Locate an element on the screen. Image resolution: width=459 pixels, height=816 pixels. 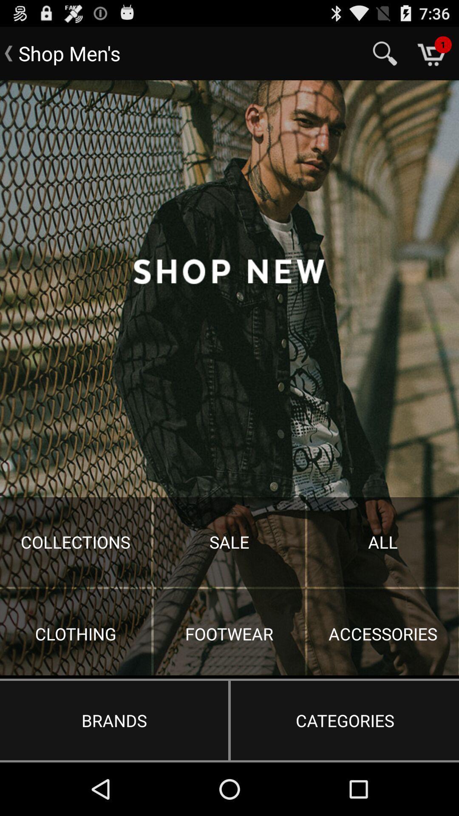
the button next to brands item is located at coordinates (345, 720).